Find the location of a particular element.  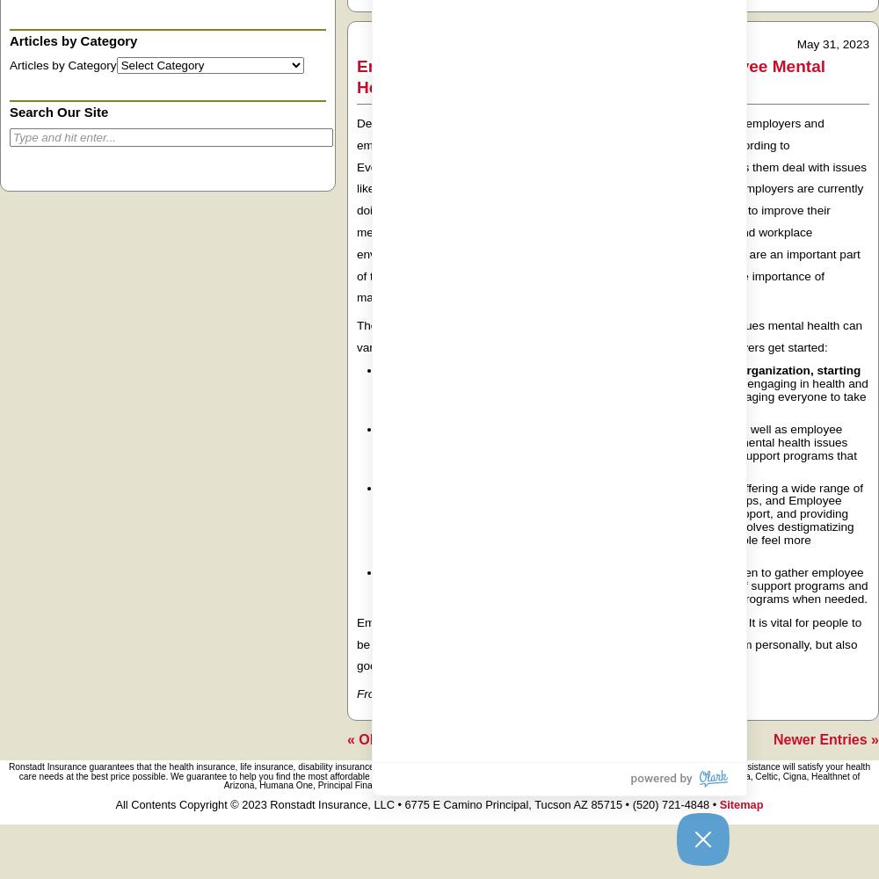

'Demonstrate a commitment to mental health at all levels of the organization, starting at the top.' is located at coordinates (381, 377).